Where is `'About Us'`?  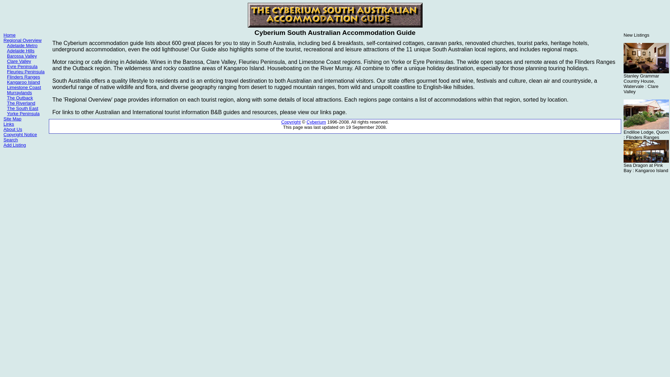
'About Us' is located at coordinates (13, 129).